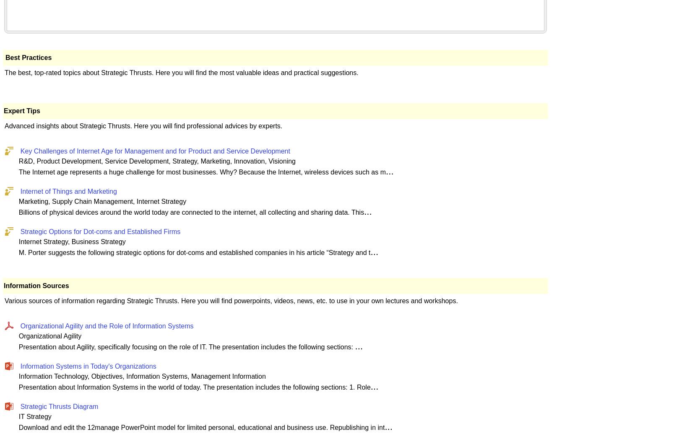 The width and height of the screenshot is (692, 437). I want to click on 'Strategic Options for Dot-coms and Established Firms', so click(100, 231).